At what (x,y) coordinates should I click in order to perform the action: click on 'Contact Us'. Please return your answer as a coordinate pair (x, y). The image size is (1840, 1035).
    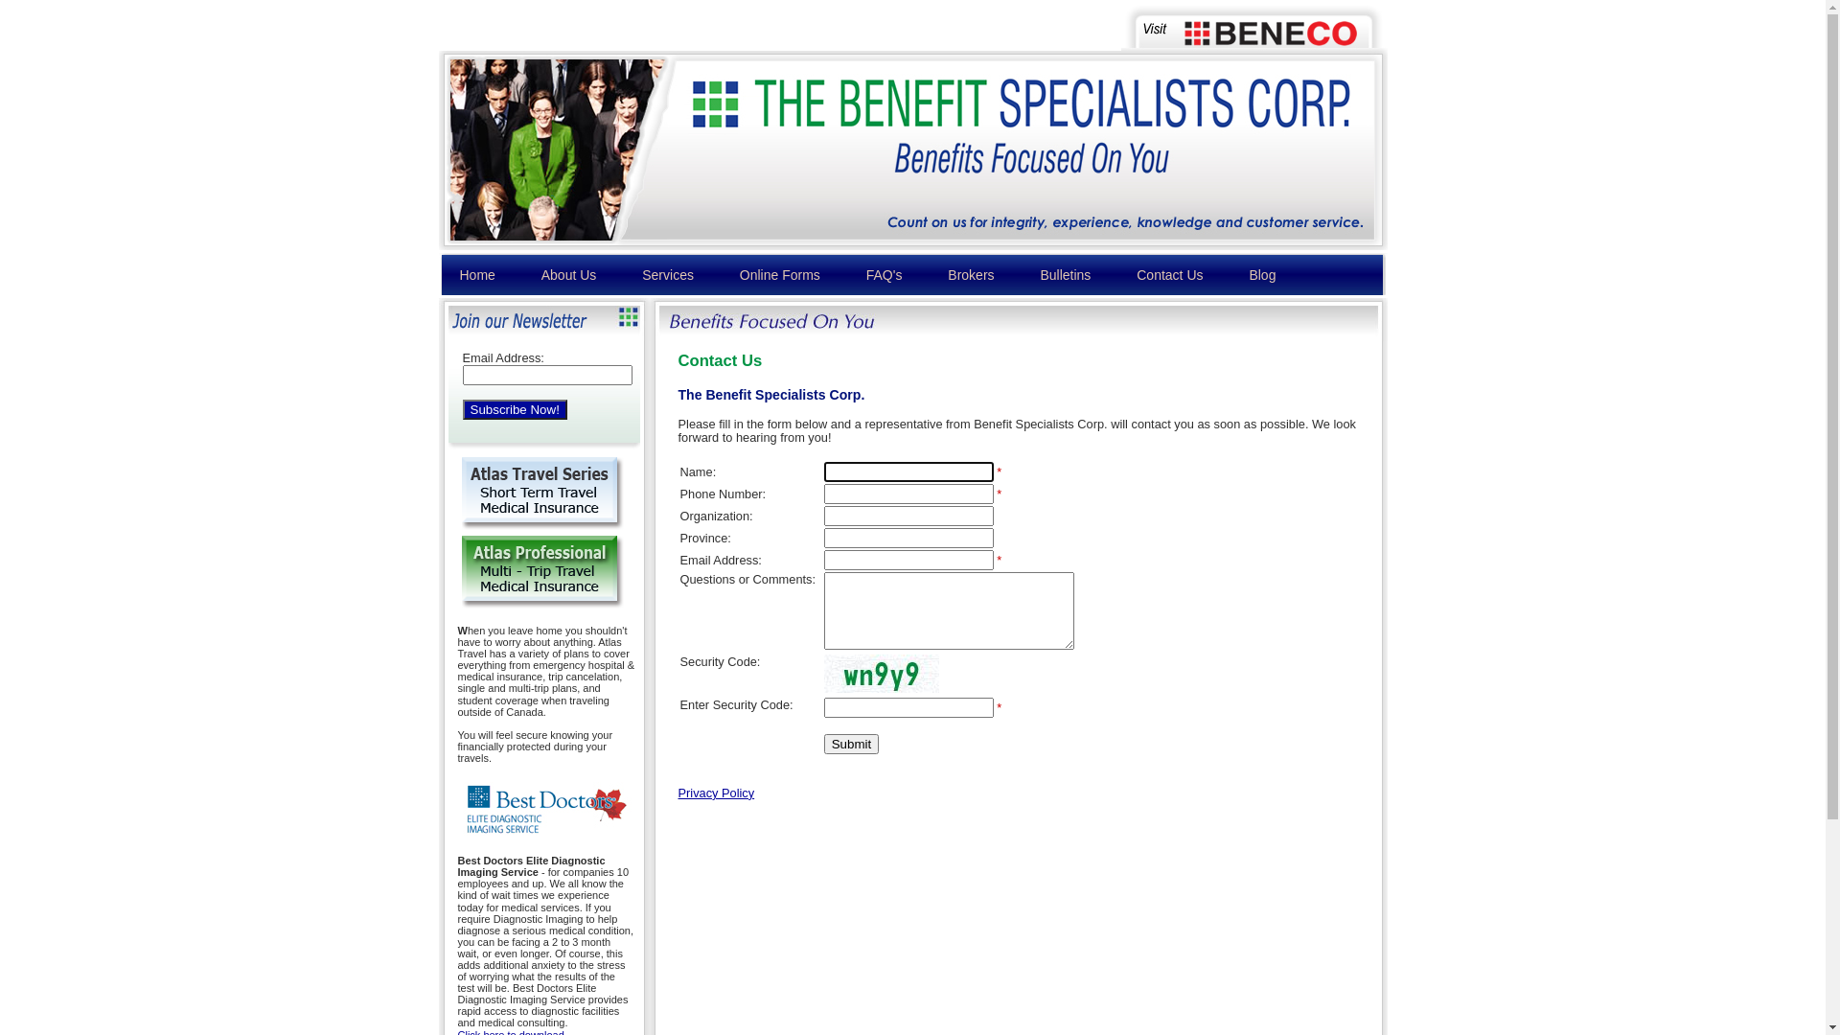
    Looking at the image, I should click on (1168, 274).